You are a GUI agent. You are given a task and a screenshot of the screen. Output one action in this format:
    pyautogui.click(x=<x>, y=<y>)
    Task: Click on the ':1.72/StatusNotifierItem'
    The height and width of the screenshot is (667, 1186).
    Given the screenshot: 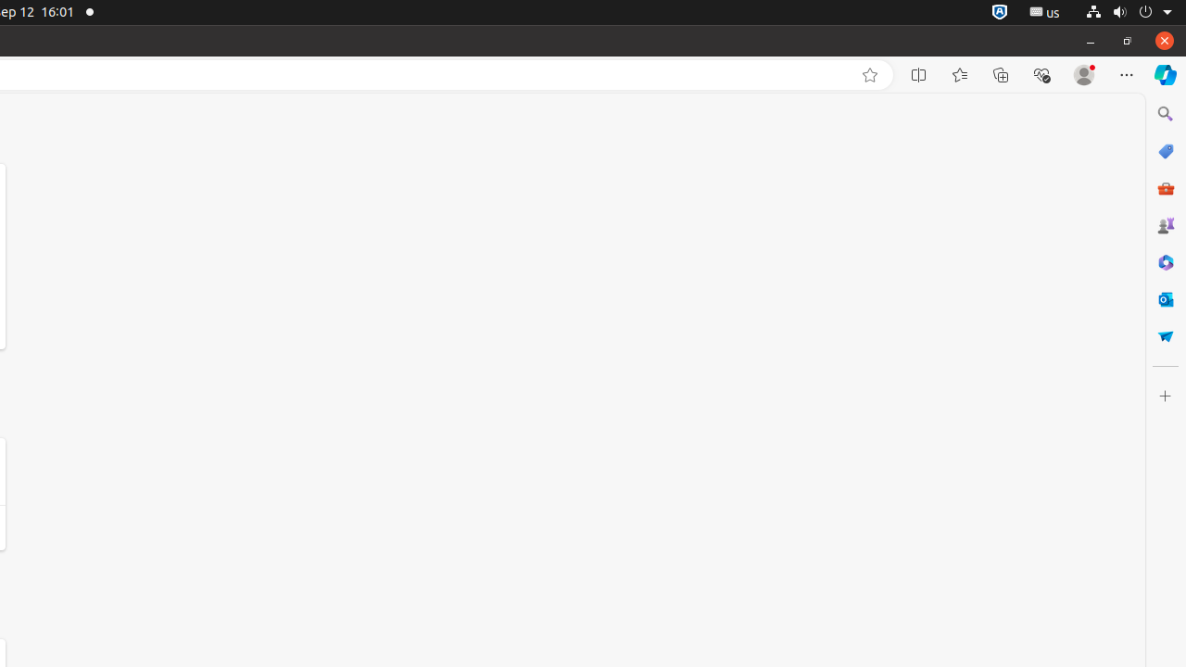 What is the action you would take?
    pyautogui.click(x=999, y=12)
    